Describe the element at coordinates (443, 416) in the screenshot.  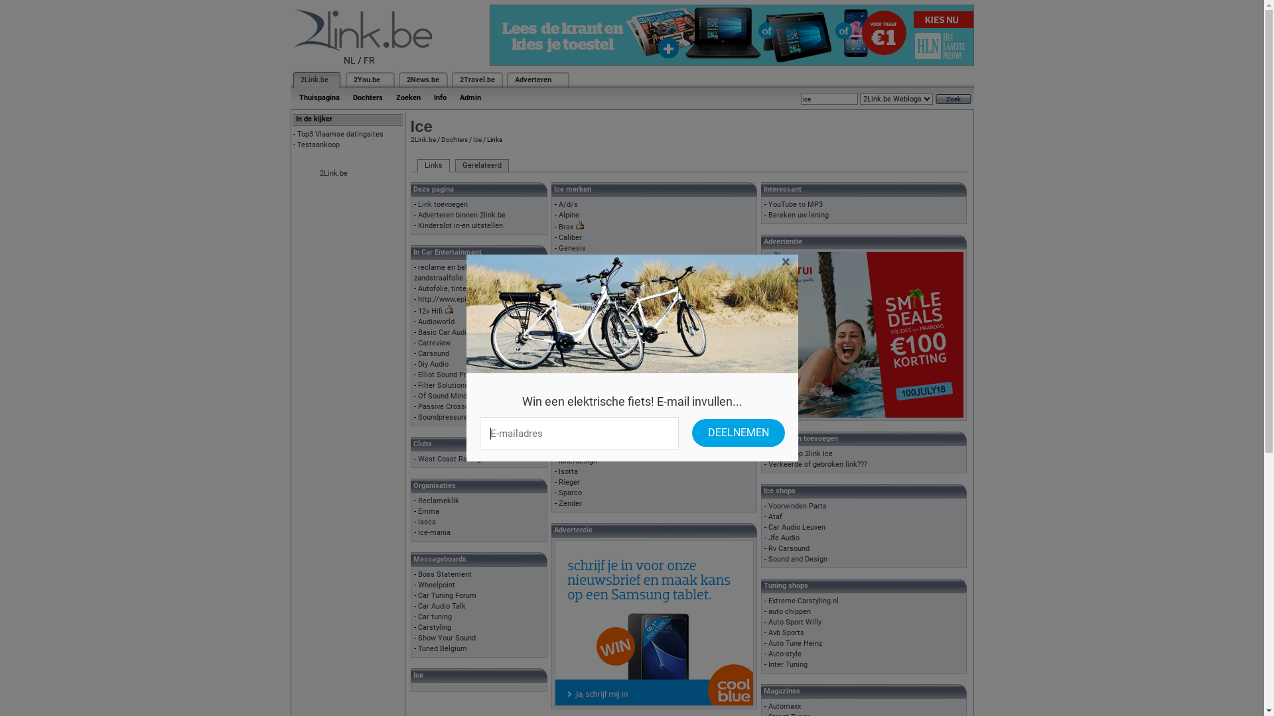
I see `'Soundpressure'` at that location.